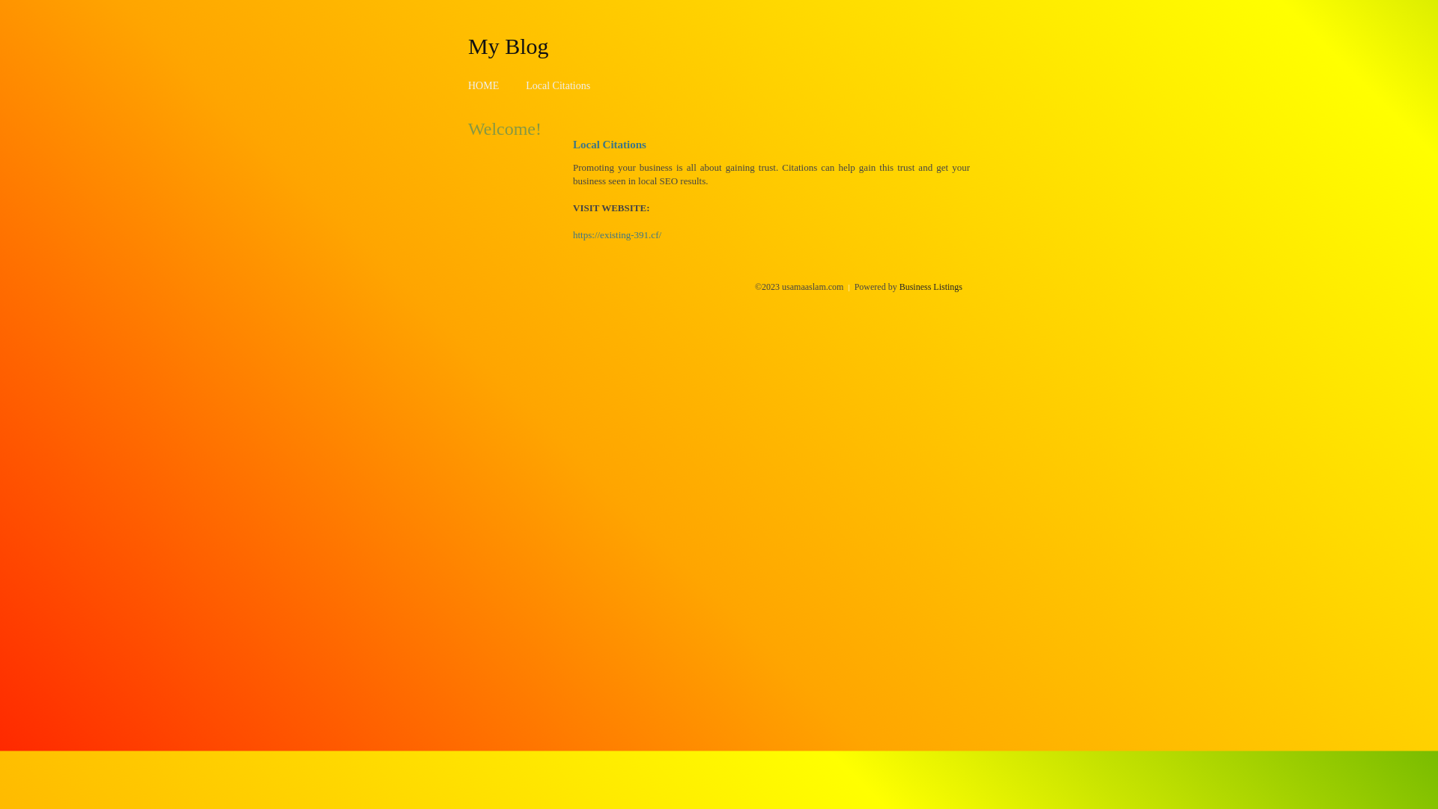 The image size is (1438, 809). I want to click on 'Business Listings', so click(930, 286).